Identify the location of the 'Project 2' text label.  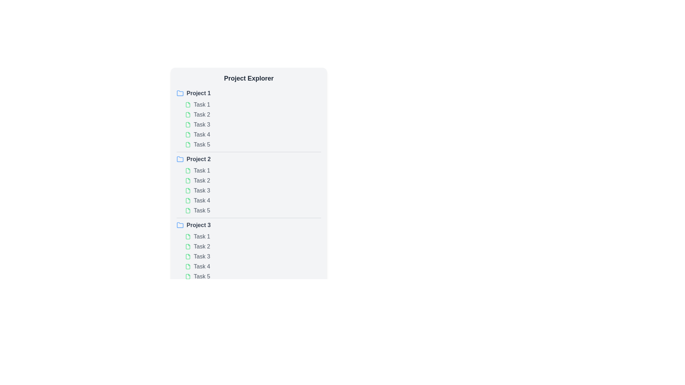
(198, 159).